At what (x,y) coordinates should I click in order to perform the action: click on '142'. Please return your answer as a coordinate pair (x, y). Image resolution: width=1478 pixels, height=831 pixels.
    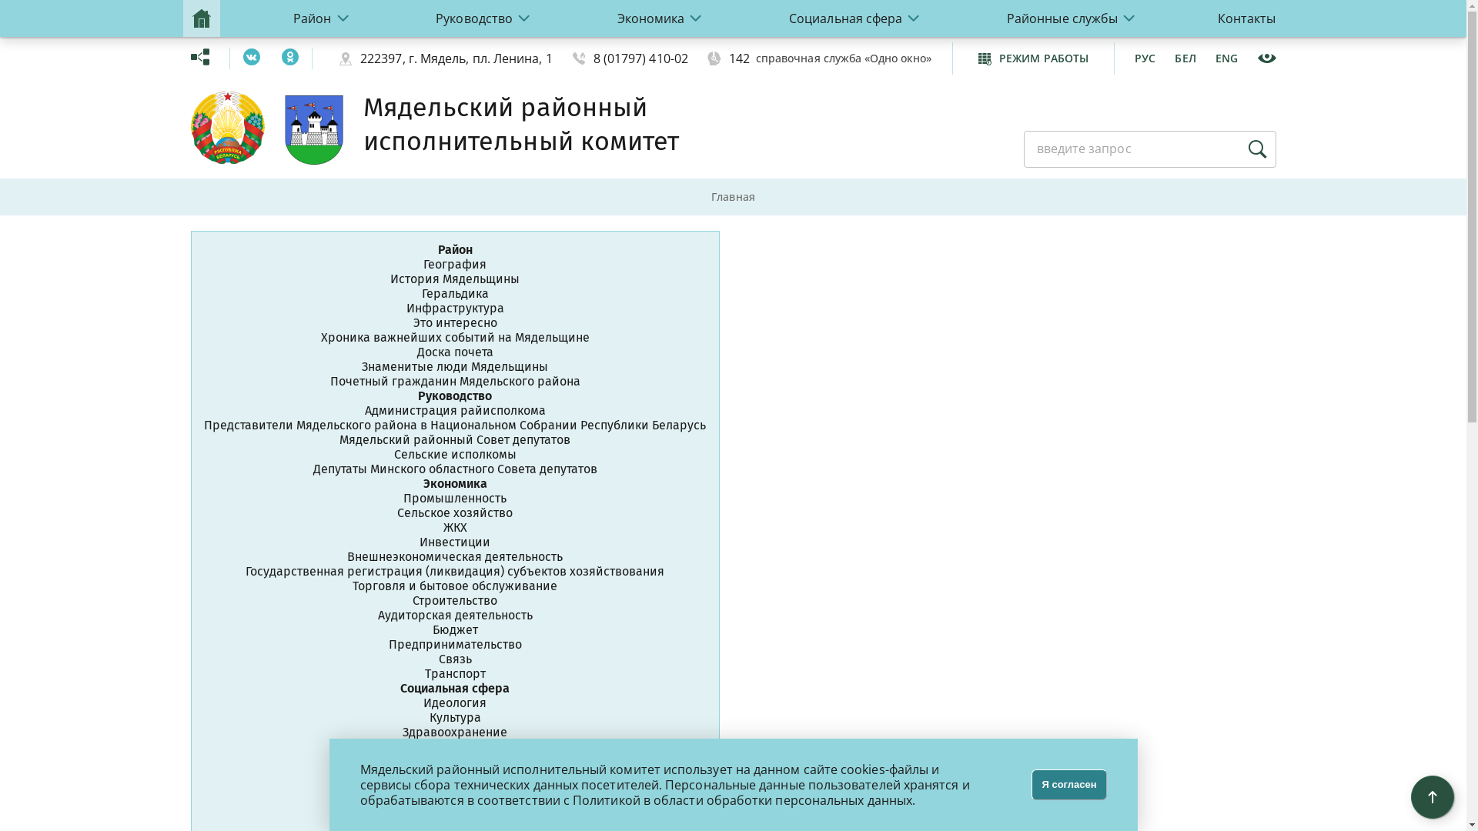
    Looking at the image, I should click on (739, 58).